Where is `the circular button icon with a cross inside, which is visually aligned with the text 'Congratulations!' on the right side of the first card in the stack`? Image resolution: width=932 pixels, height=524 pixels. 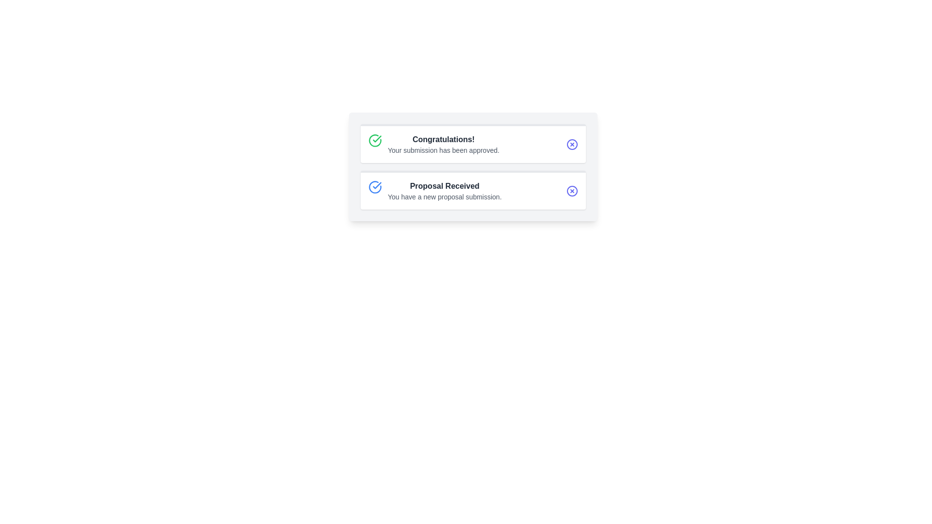 the circular button icon with a cross inside, which is visually aligned with the text 'Congratulations!' on the right side of the first card in the stack is located at coordinates (572, 144).